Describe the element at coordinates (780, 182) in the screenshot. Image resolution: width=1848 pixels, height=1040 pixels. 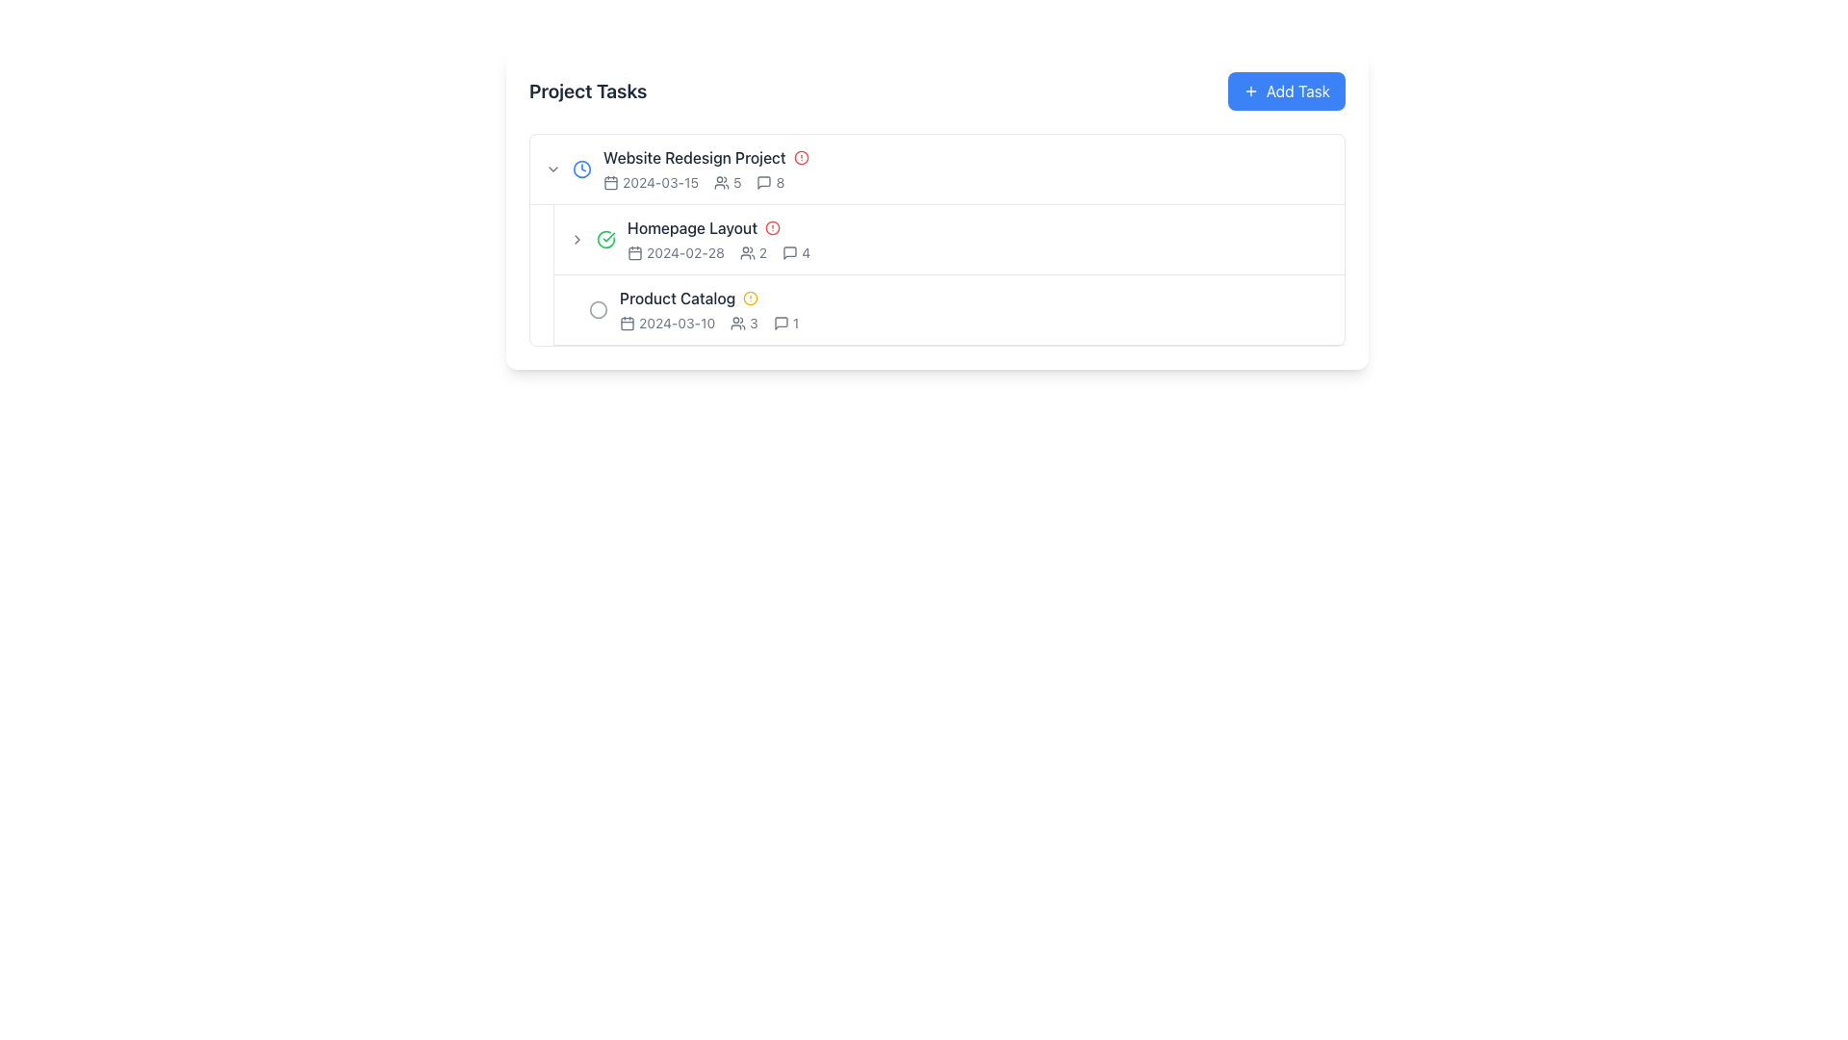
I see `the static text label displaying the number '8', which is located to the right of the speech bubble icon in the 'Website Redesign Project' task row` at that location.